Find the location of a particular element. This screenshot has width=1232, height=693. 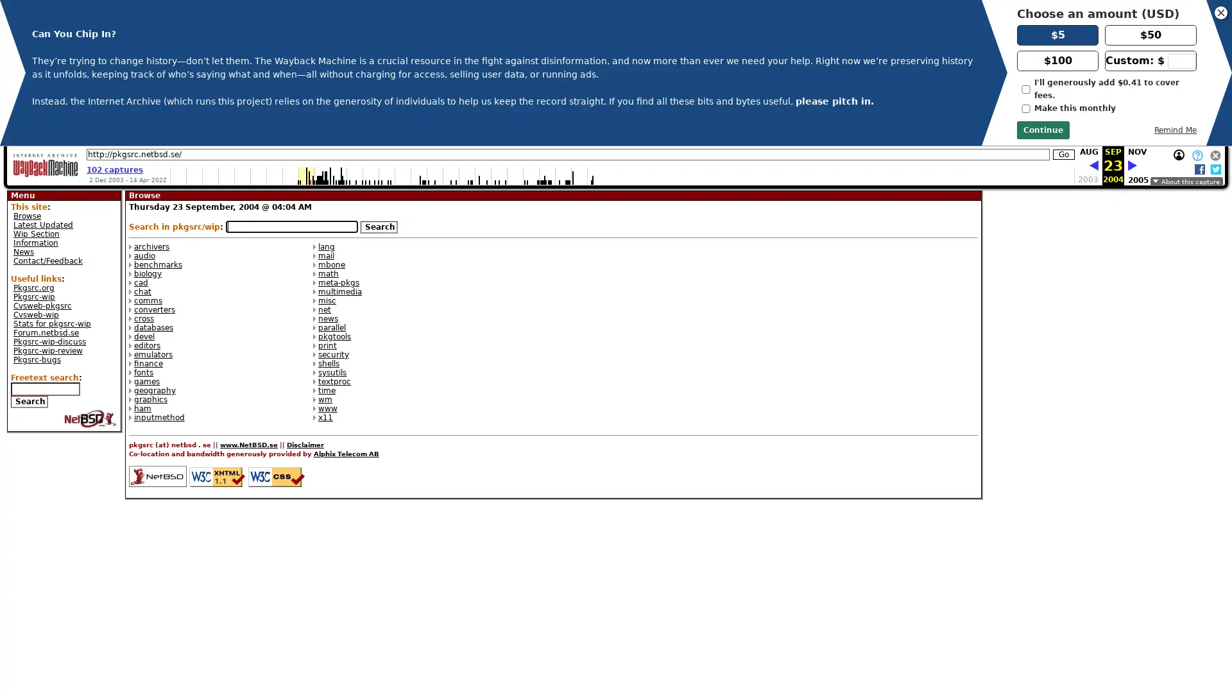

Search is located at coordinates (30, 401).